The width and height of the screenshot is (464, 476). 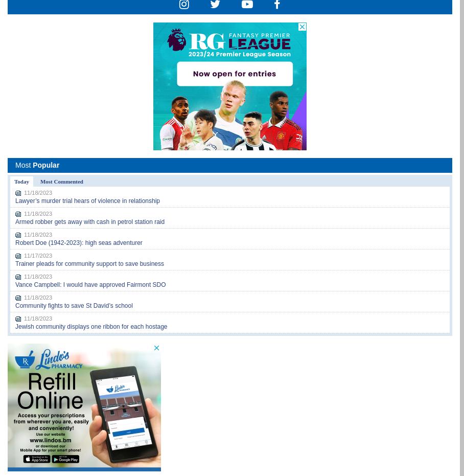 I want to click on 'Armed robber gets away with cash in petrol station raid', so click(x=89, y=221).